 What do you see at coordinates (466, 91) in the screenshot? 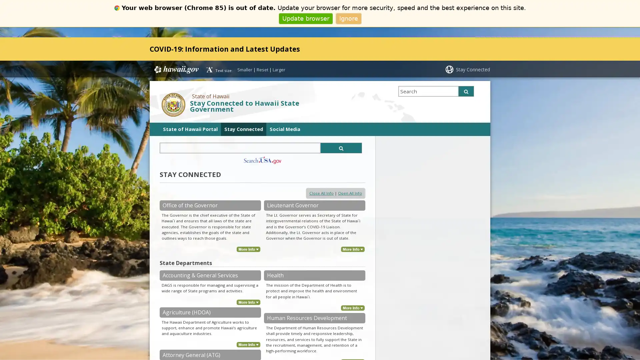
I see `Search` at bounding box center [466, 91].